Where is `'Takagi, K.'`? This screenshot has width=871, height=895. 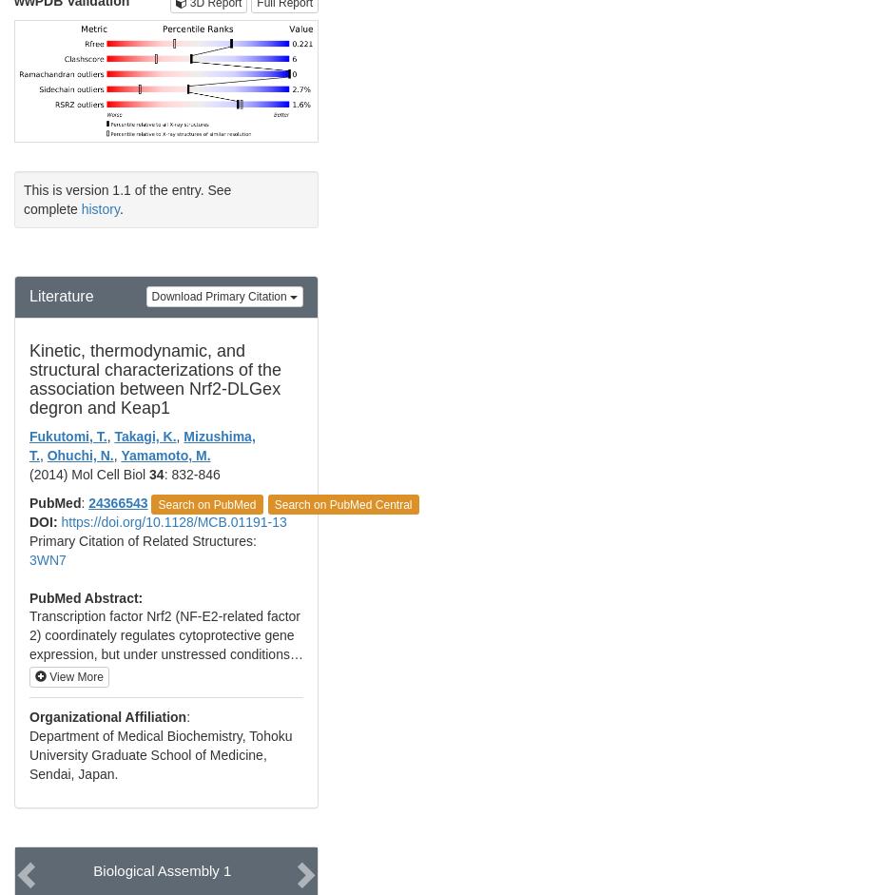
'Takagi, K.' is located at coordinates (113, 437).